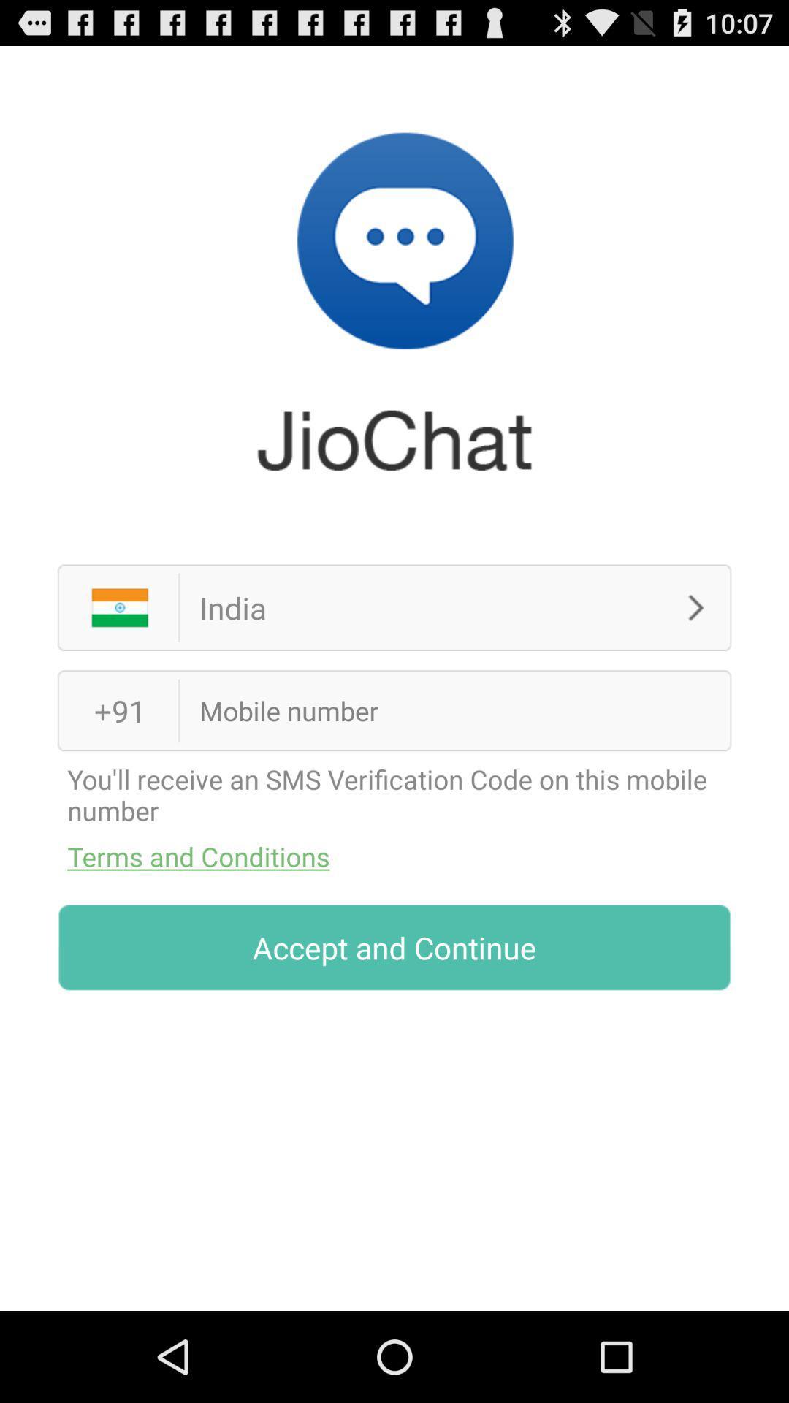  What do you see at coordinates (431, 710) in the screenshot?
I see `cell phone number` at bounding box center [431, 710].